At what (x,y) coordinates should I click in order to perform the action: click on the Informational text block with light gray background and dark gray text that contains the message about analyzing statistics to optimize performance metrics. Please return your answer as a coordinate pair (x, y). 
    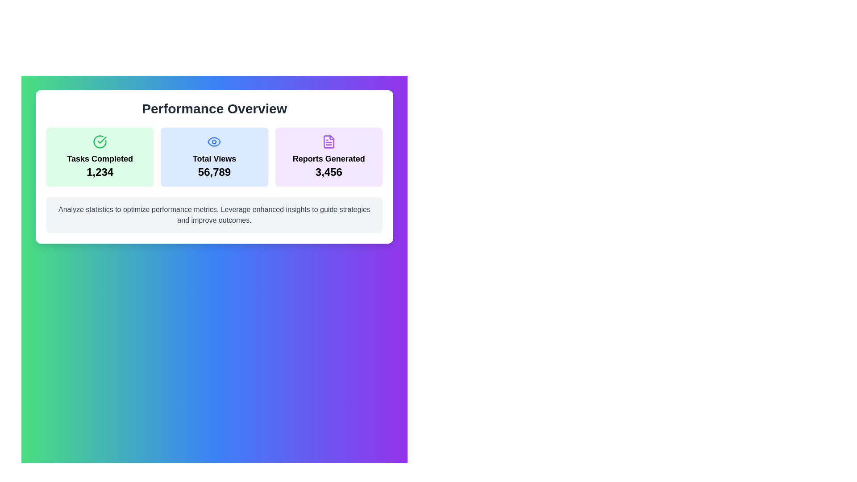
    Looking at the image, I should click on (214, 215).